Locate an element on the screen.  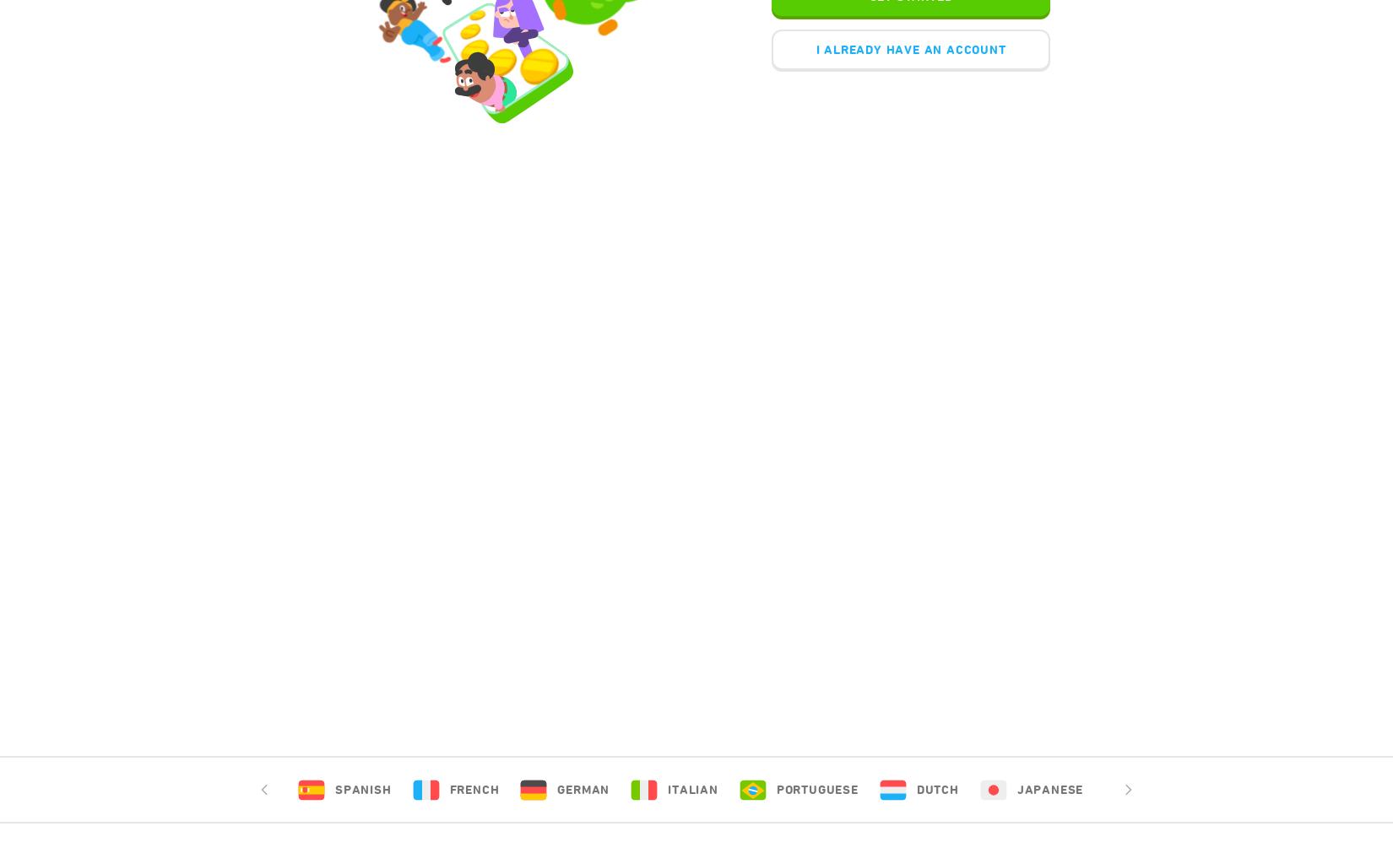
'Japanese' is located at coordinates (1016, 789).